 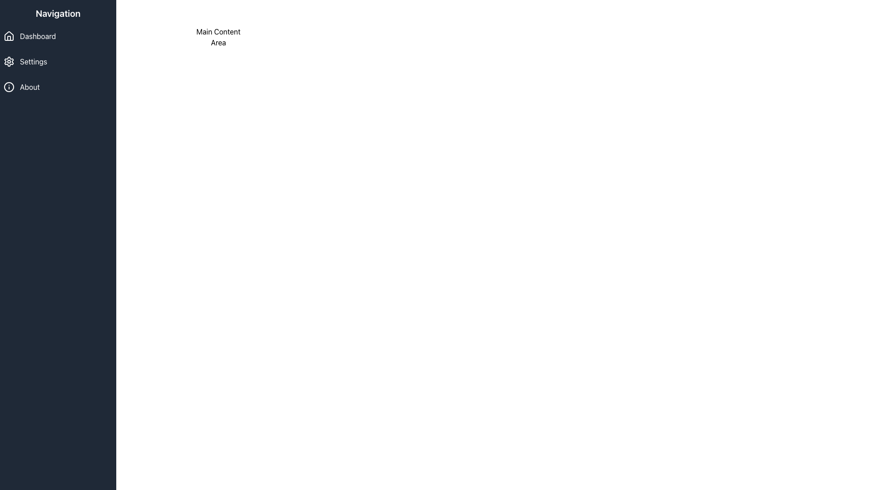 What do you see at coordinates (9, 61) in the screenshot?
I see `the gear-shaped icon in the left-hand navigation menu to interact with the settings functionality` at bounding box center [9, 61].